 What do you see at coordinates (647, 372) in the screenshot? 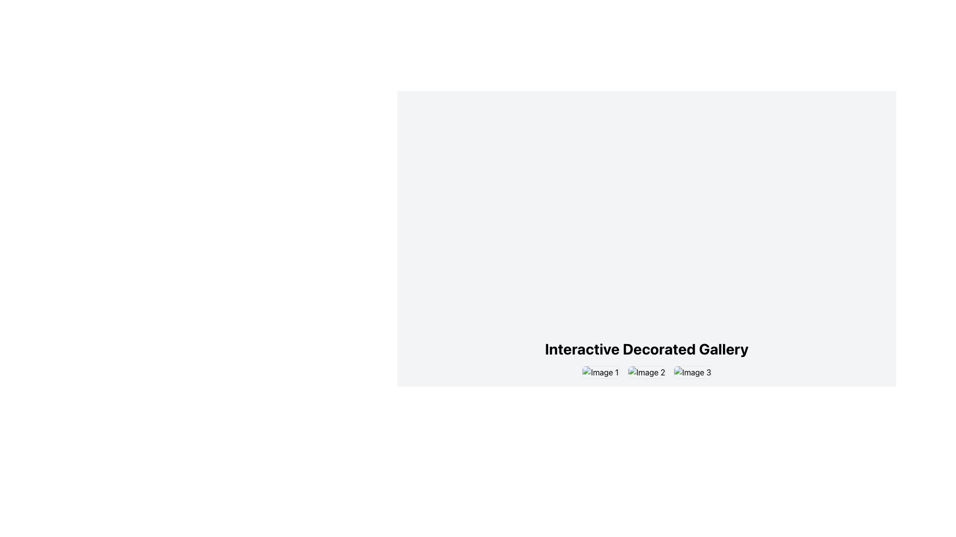
I see `the central image in the gallery interface, which is positioned between 'Image 1' and 'Image 3' beneath the title 'Interactive Decorated Gallery'` at bounding box center [647, 372].